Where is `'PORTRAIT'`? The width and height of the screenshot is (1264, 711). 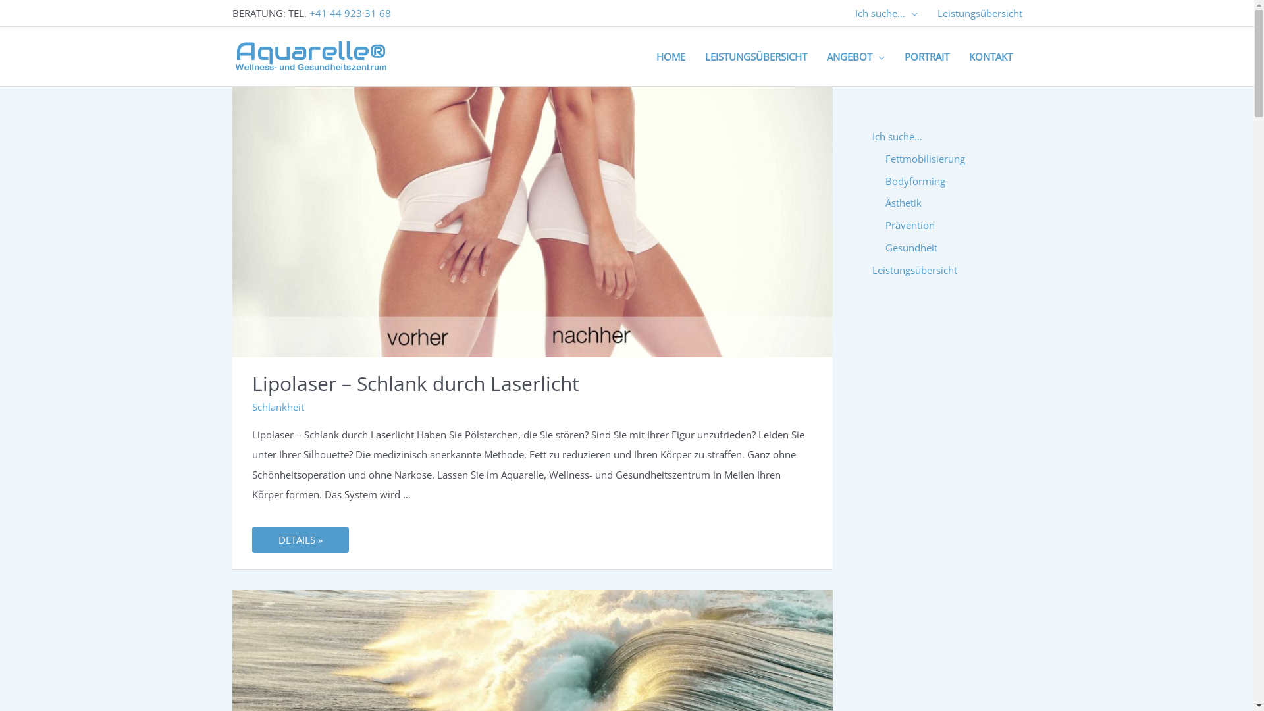 'PORTRAIT' is located at coordinates (925, 55).